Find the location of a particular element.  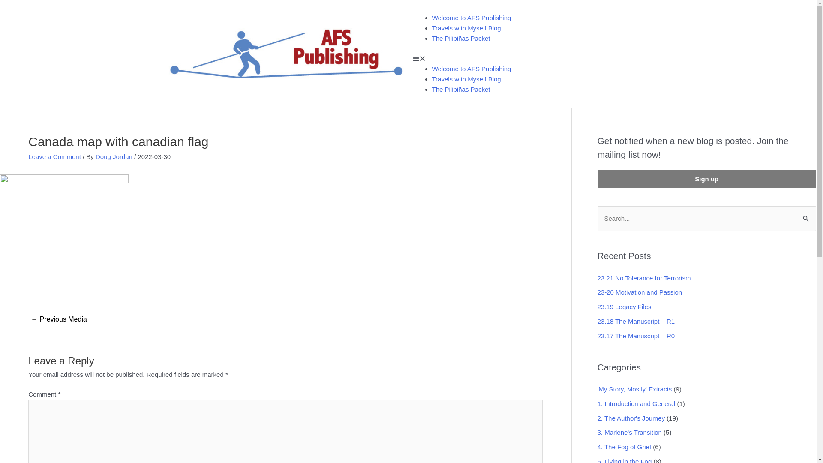

'2. The Author's Journey' is located at coordinates (631, 417).